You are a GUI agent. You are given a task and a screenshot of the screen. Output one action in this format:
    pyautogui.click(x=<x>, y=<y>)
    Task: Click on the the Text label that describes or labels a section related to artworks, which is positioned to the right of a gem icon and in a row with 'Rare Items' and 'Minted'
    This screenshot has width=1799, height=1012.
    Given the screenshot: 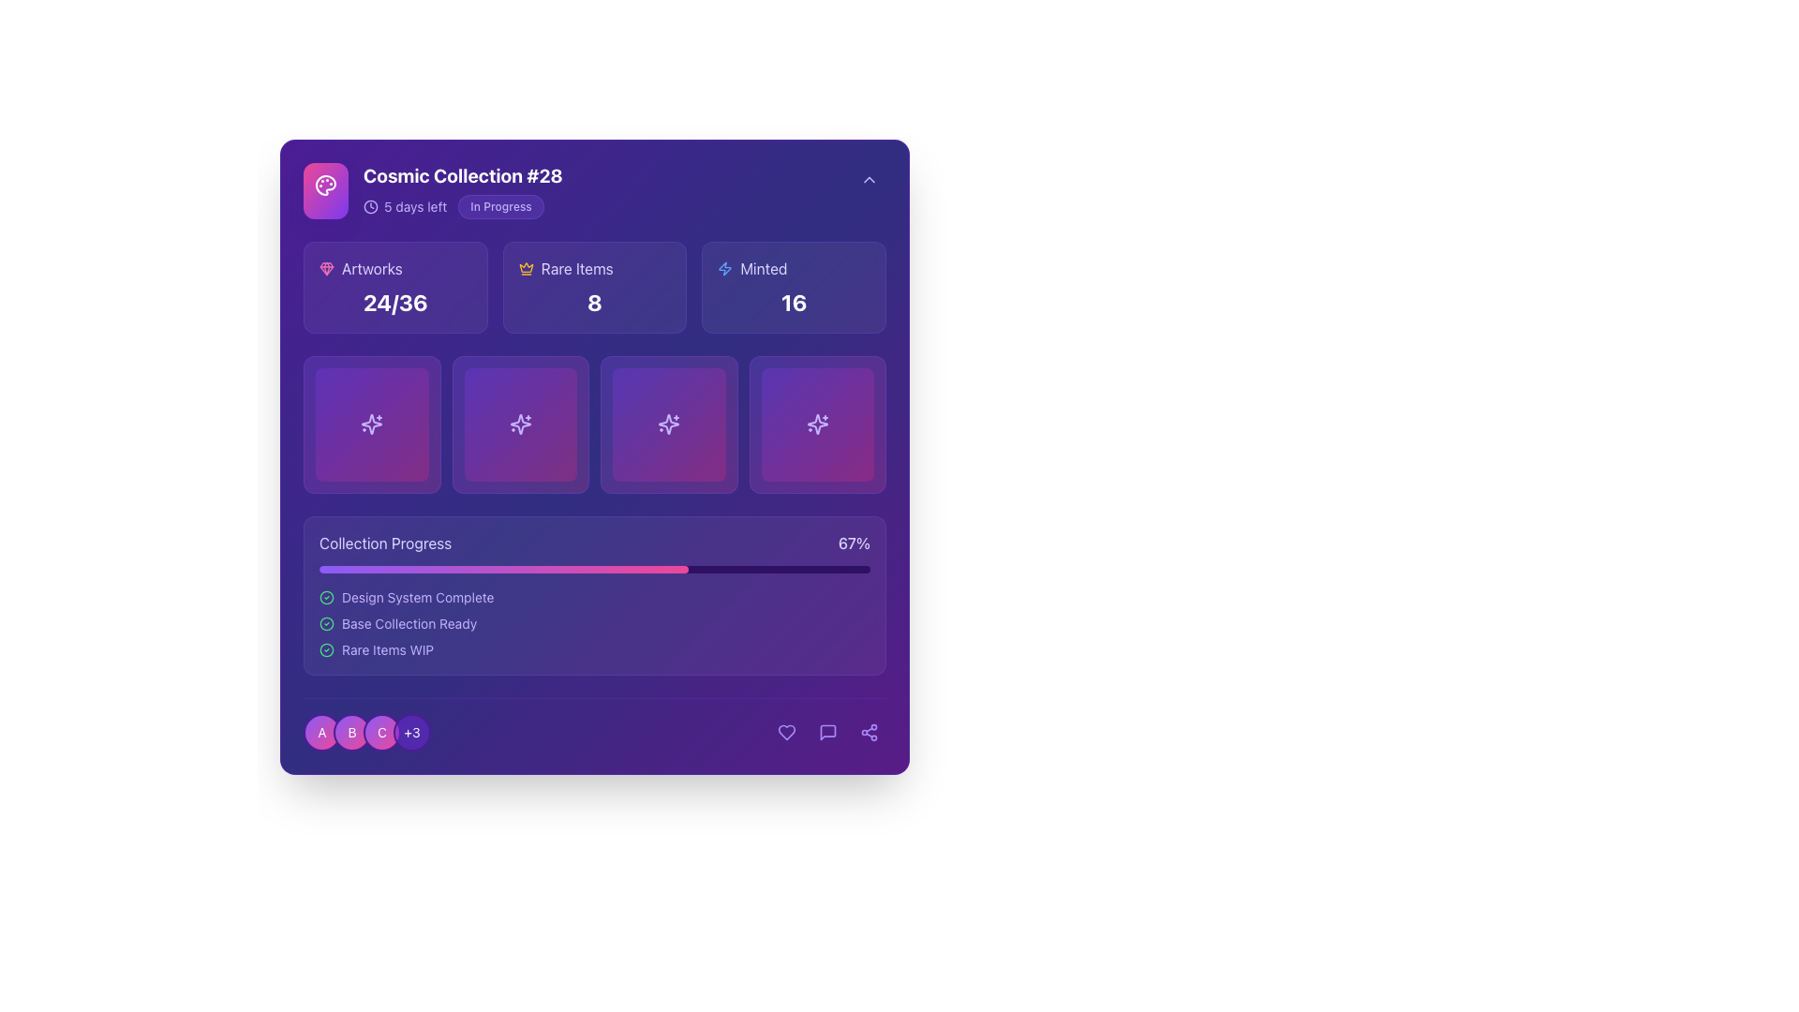 What is the action you would take?
    pyautogui.click(x=372, y=268)
    